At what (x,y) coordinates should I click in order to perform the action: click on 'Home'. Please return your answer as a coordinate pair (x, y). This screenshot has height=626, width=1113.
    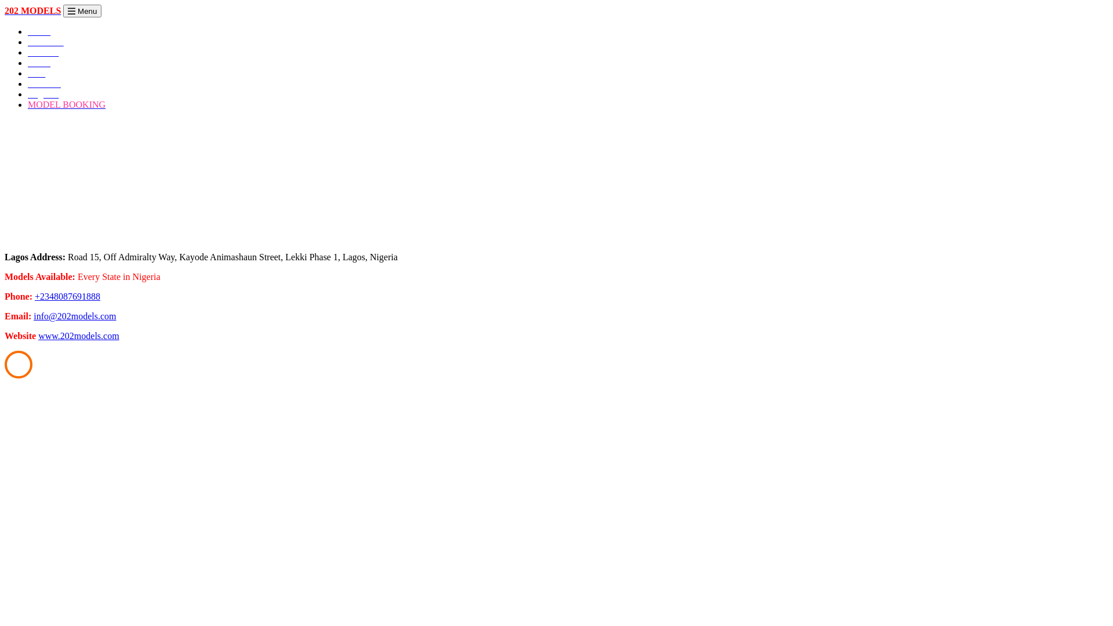
    Looking at the image, I should click on (28, 31).